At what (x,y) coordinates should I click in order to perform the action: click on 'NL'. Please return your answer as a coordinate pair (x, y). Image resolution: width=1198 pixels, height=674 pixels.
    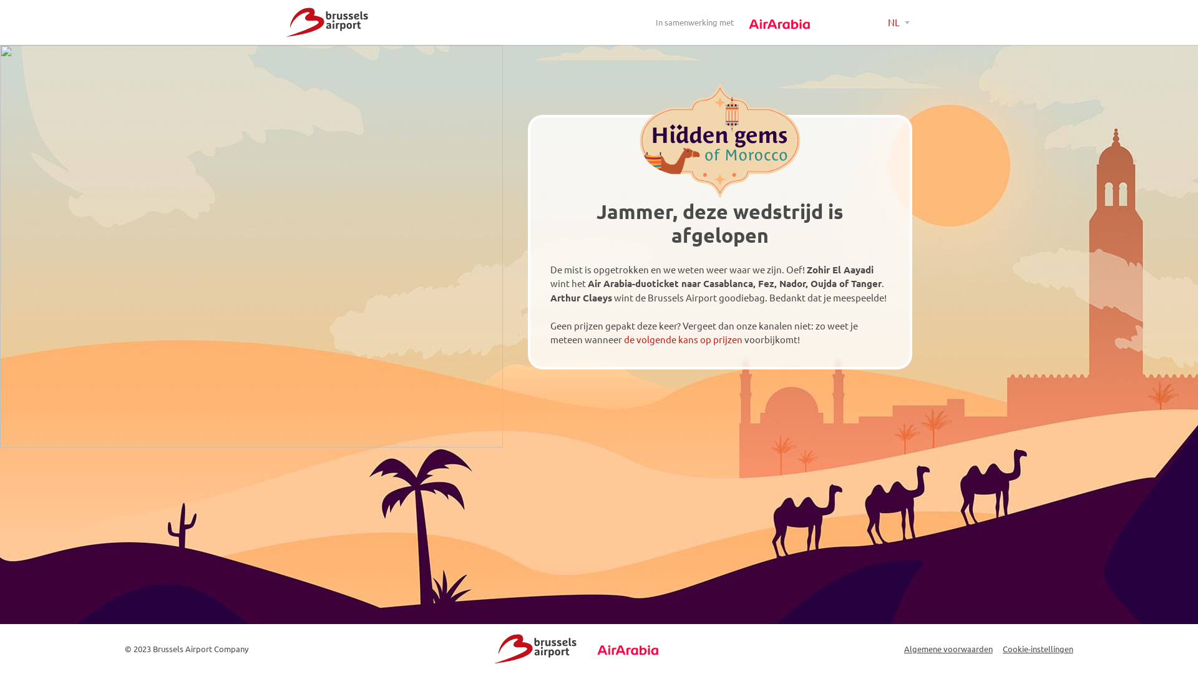
    Looking at the image, I should click on (898, 22).